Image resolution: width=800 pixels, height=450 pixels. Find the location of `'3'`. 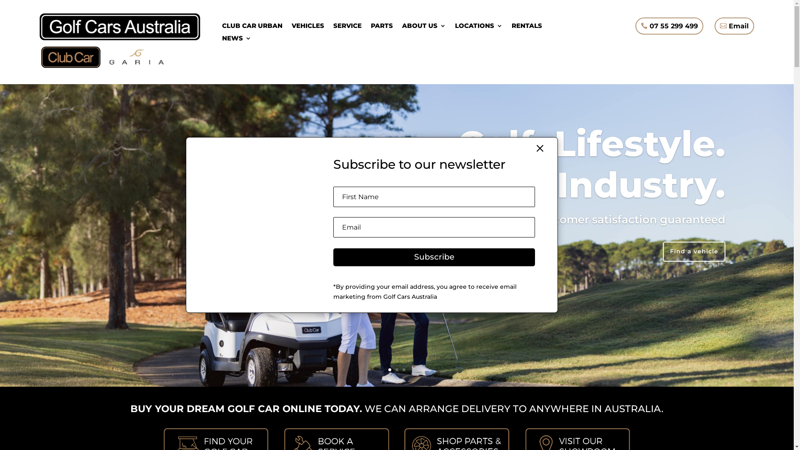

'3' is located at coordinates (404, 369).